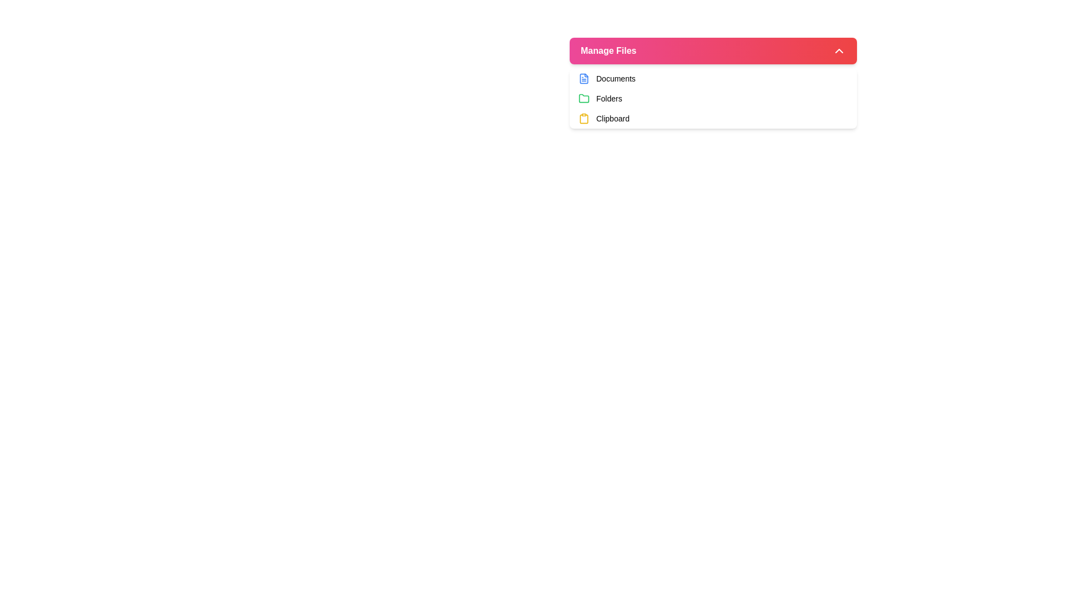 This screenshot has height=599, width=1065. What do you see at coordinates (713, 78) in the screenshot?
I see `the first navigation list item under 'Manage Files' labeled 'Documents'` at bounding box center [713, 78].